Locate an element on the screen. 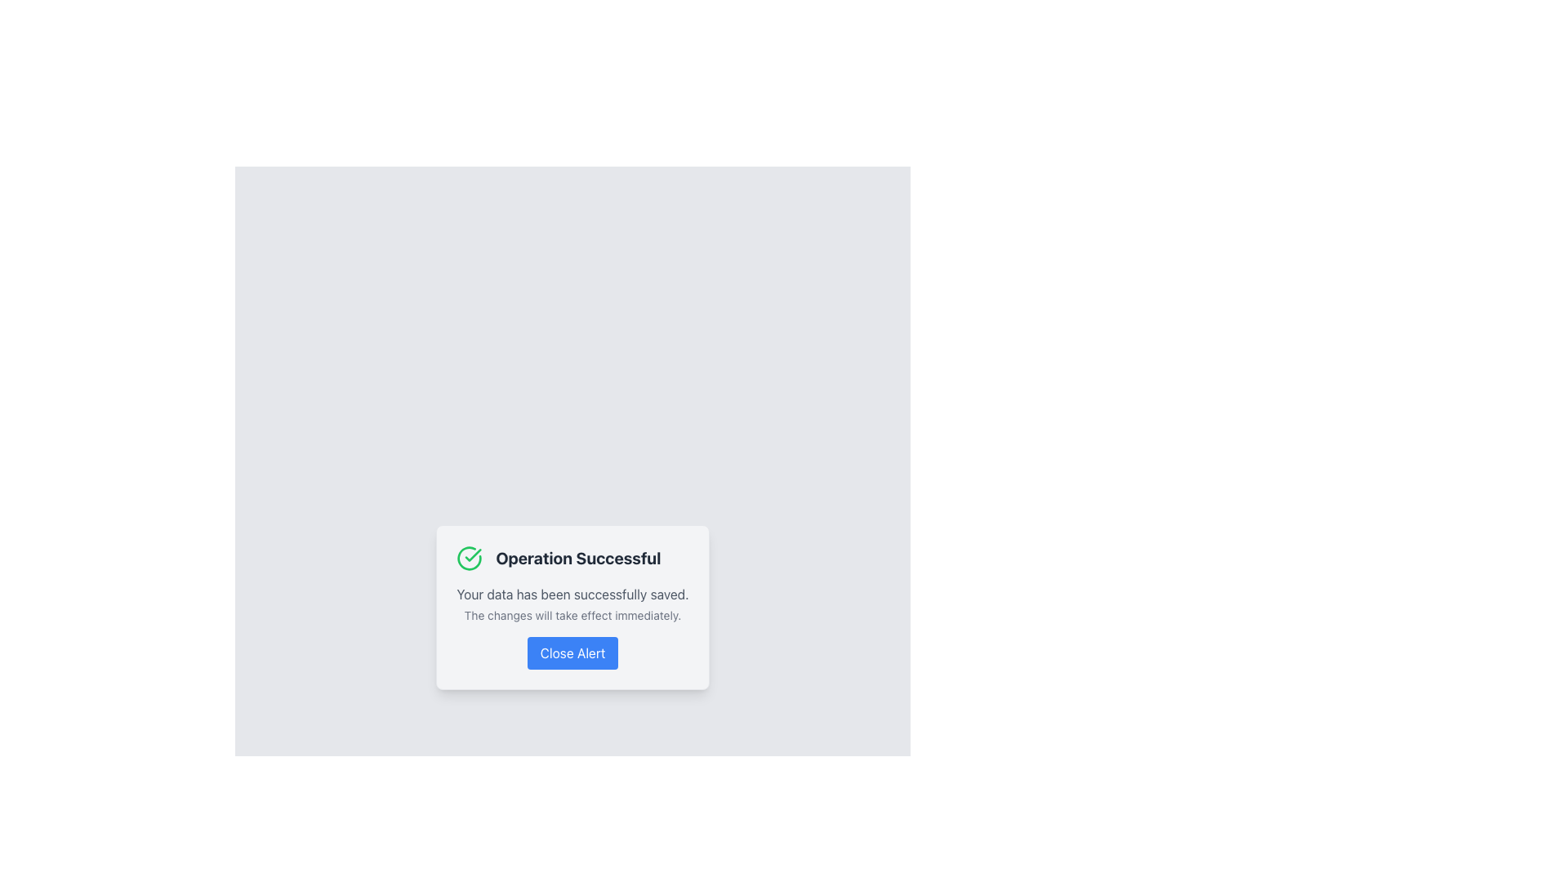  the green checkmark icon inside the circular frame located at the top-left corner of the success notification dialog box is located at coordinates (473, 554).